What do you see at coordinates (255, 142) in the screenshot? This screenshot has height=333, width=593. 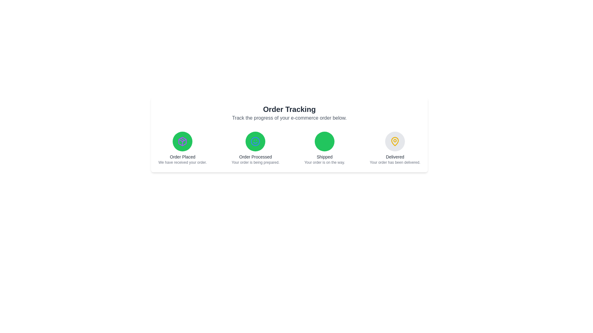 I see `the smiley face icon with a blue outline against a light green background, which indicates the 'Order Processed' step in the Order Tracking section` at bounding box center [255, 142].